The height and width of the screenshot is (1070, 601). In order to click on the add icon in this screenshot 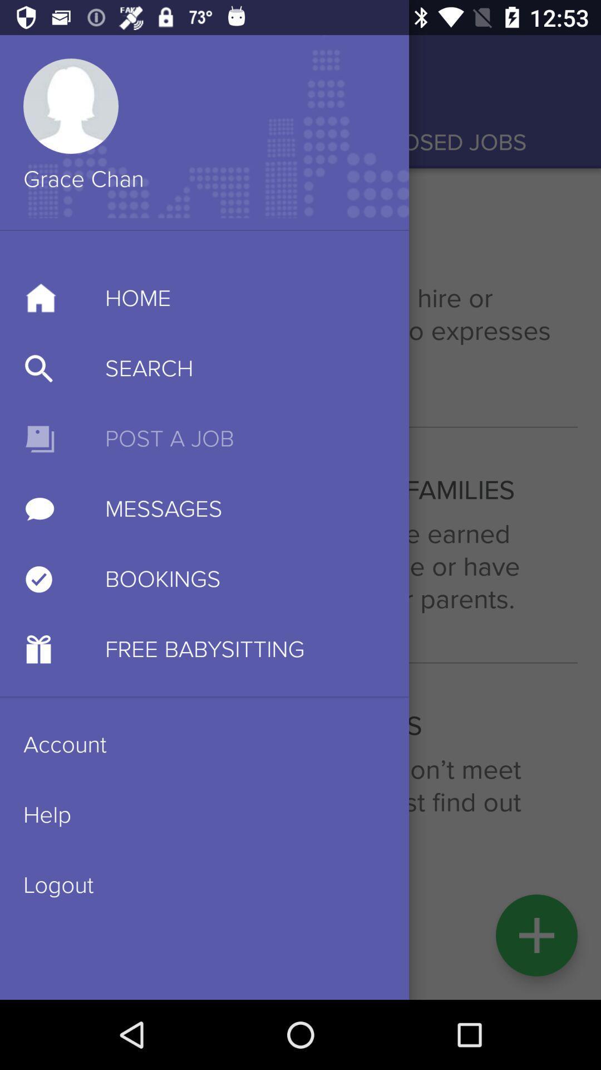, I will do `click(536, 935)`.